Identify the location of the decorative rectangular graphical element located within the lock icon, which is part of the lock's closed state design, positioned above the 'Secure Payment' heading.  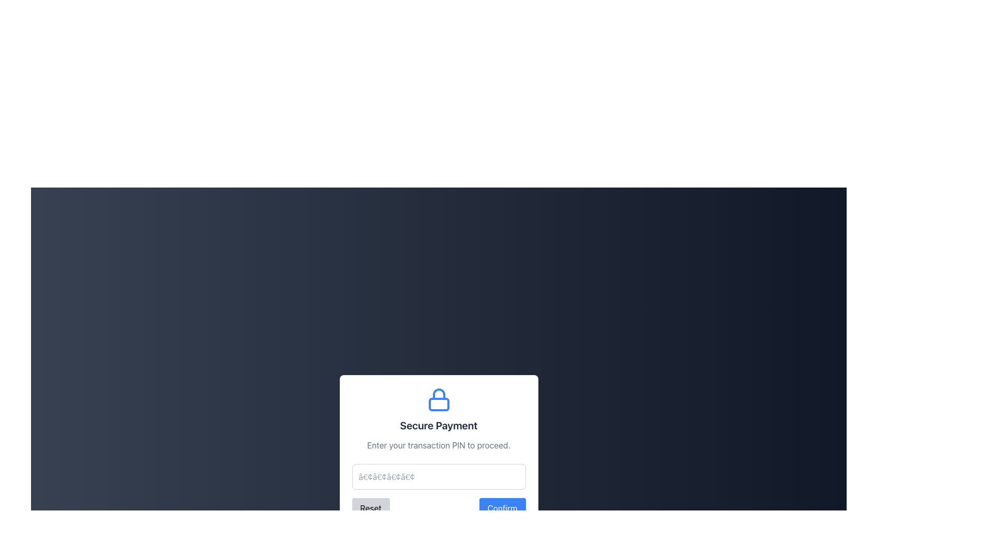
(439, 404).